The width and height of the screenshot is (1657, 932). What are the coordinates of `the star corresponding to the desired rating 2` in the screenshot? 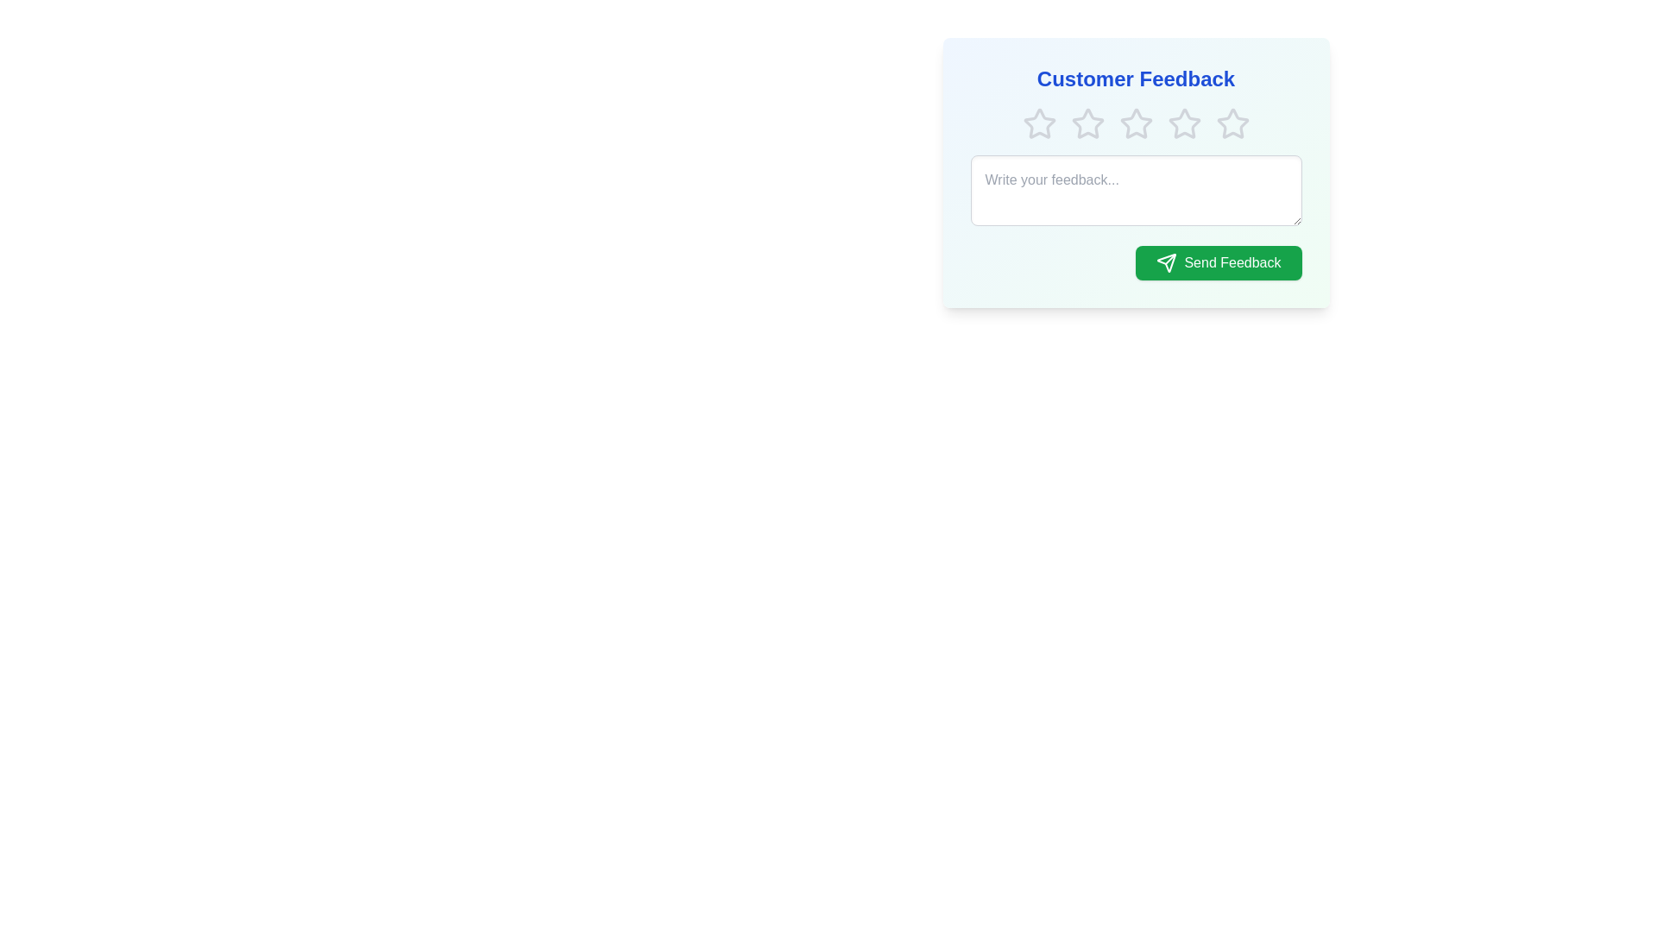 It's located at (1087, 123).